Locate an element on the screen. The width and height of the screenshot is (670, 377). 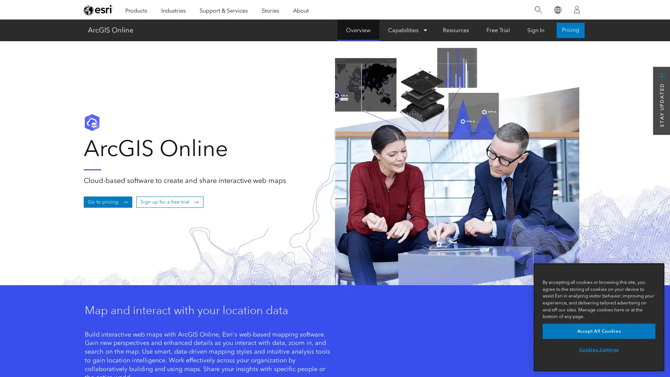
Cookies Settings is located at coordinates (598, 350).